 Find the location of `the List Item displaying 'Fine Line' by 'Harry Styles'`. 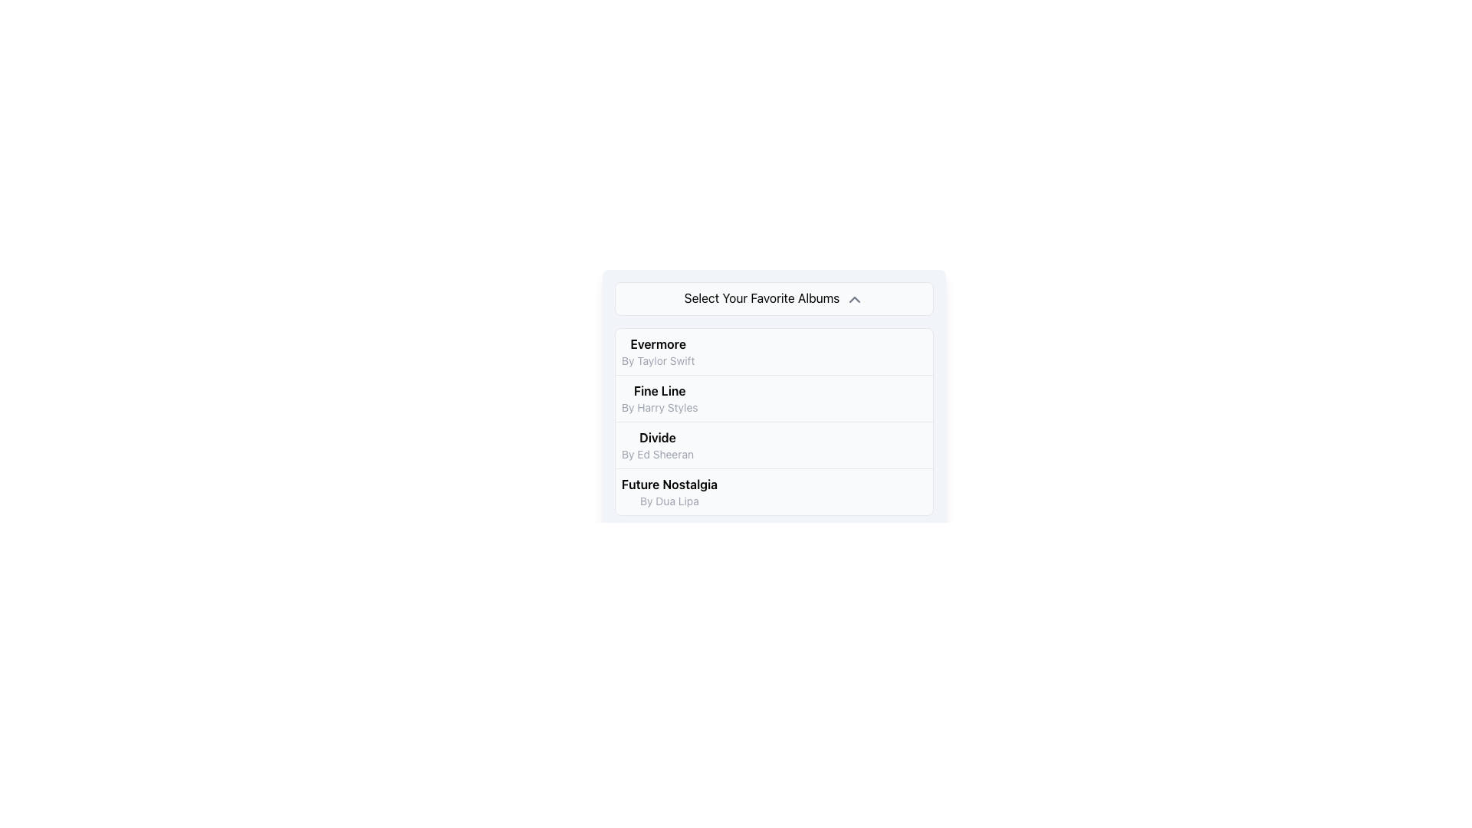

the List Item displaying 'Fine Line' by 'Harry Styles' is located at coordinates (774, 397).